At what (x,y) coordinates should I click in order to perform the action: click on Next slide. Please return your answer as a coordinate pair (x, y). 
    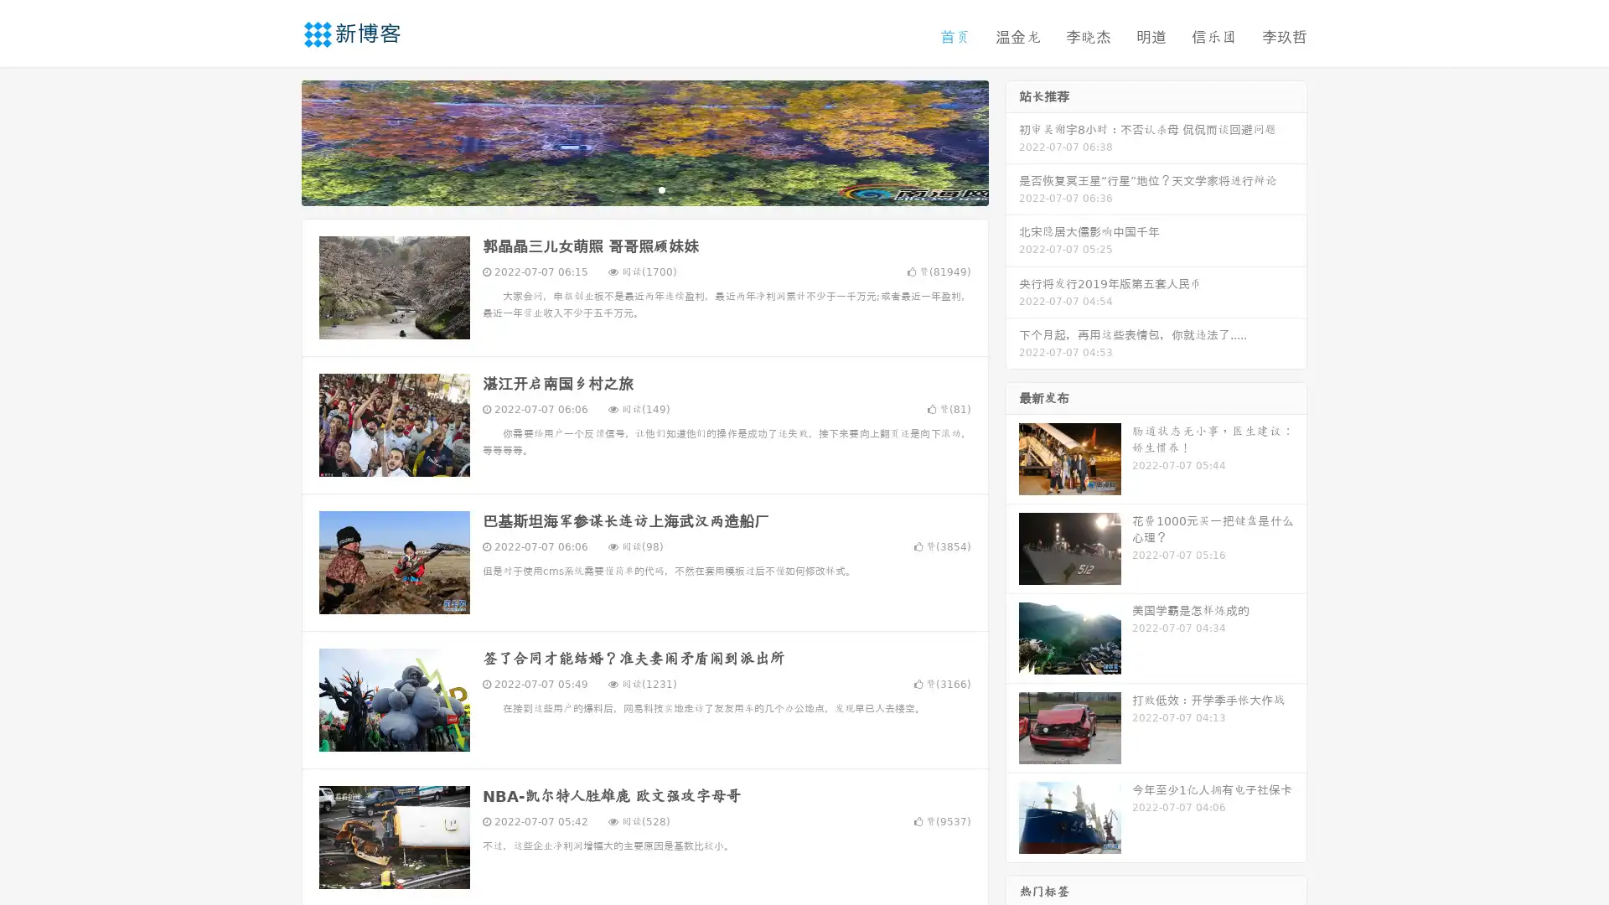
    Looking at the image, I should click on (1012, 141).